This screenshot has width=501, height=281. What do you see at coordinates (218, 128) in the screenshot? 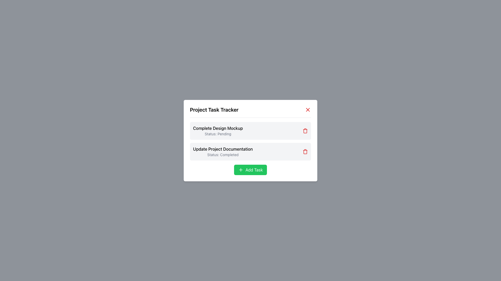
I see `text from the Text Label that says 'Complete Design Mockup', which is prominently displayed in the 'Project Task Tracker' modal, above the status detail 'Status: Pending'` at bounding box center [218, 128].